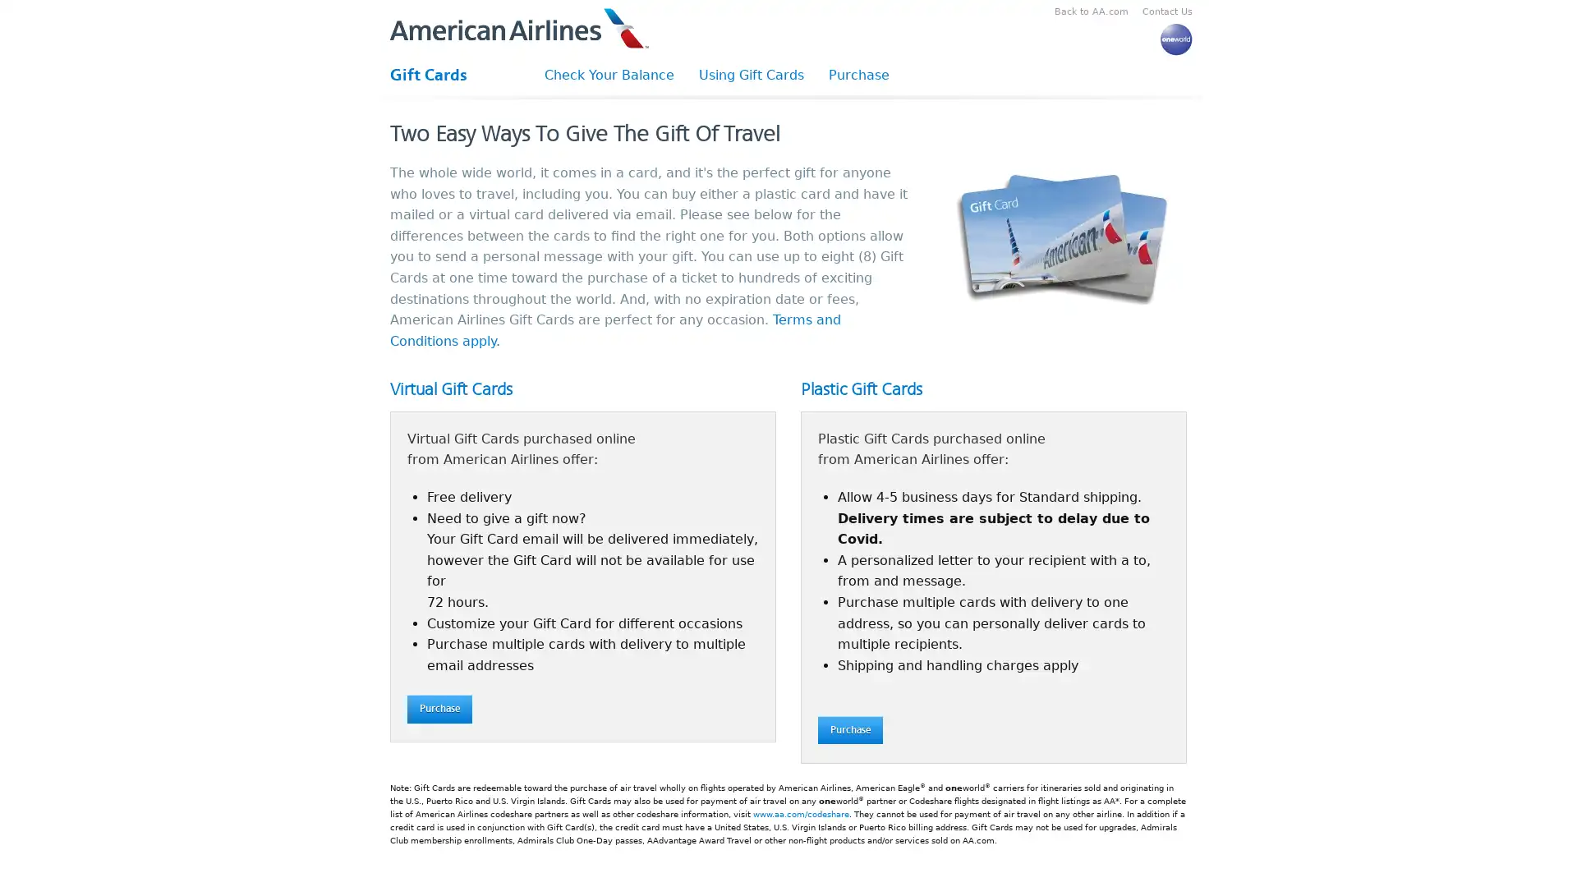 The height and width of the screenshot is (887, 1577). Describe the element at coordinates (439, 707) in the screenshot. I see `Purchase` at that location.